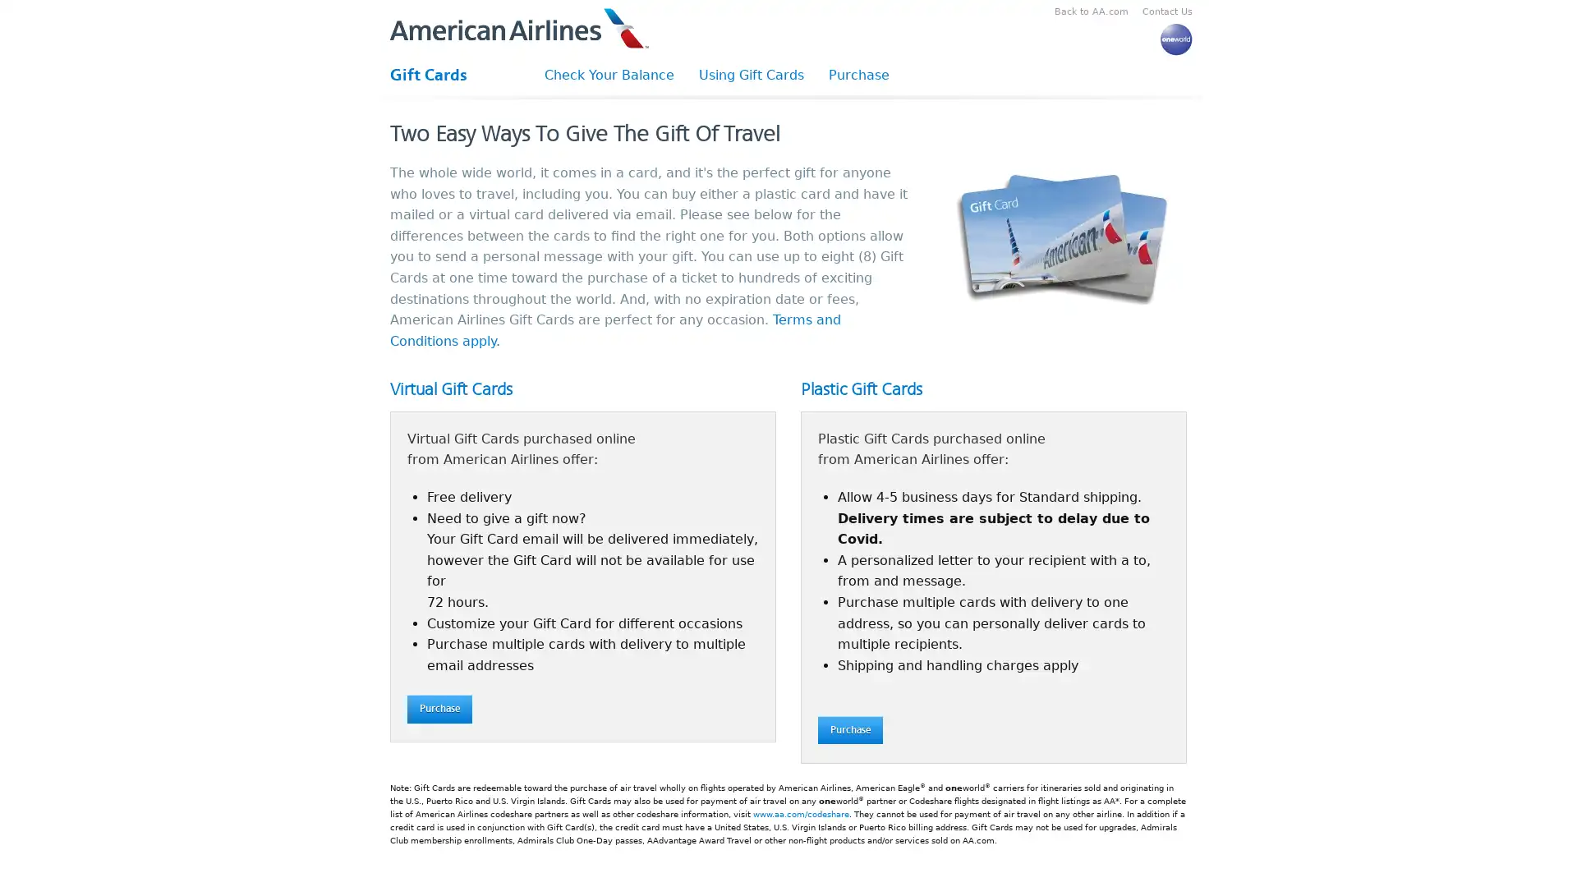 The height and width of the screenshot is (887, 1577). Describe the element at coordinates (439, 707) in the screenshot. I see `Purchase` at that location.